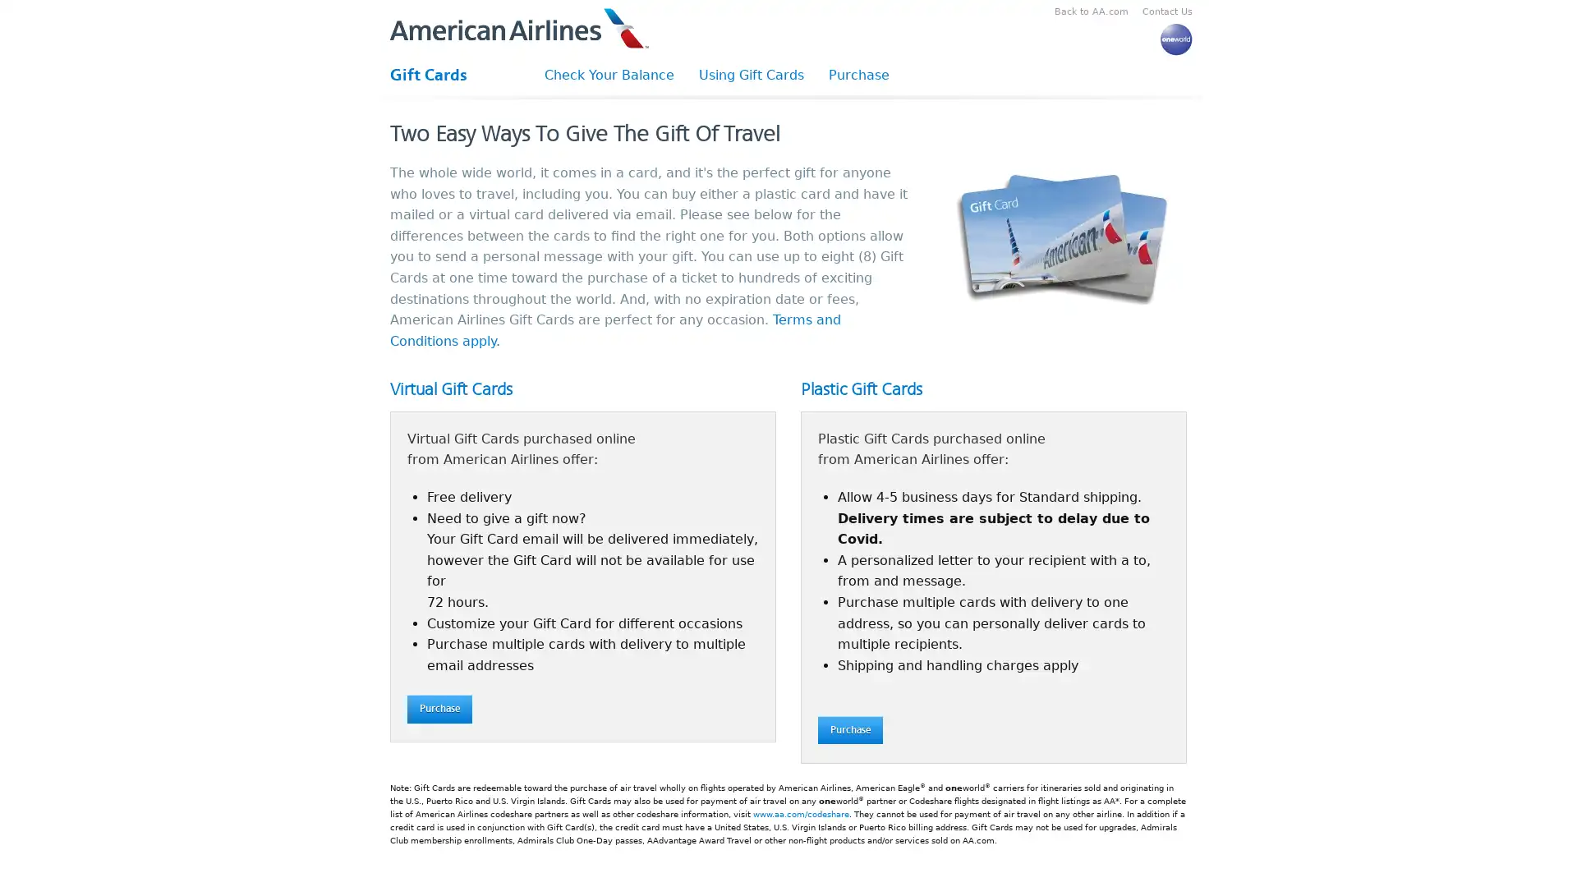 The height and width of the screenshot is (887, 1577). Describe the element at coordinates (439, 707) in the screenshot. I see `Purchase` at that location.